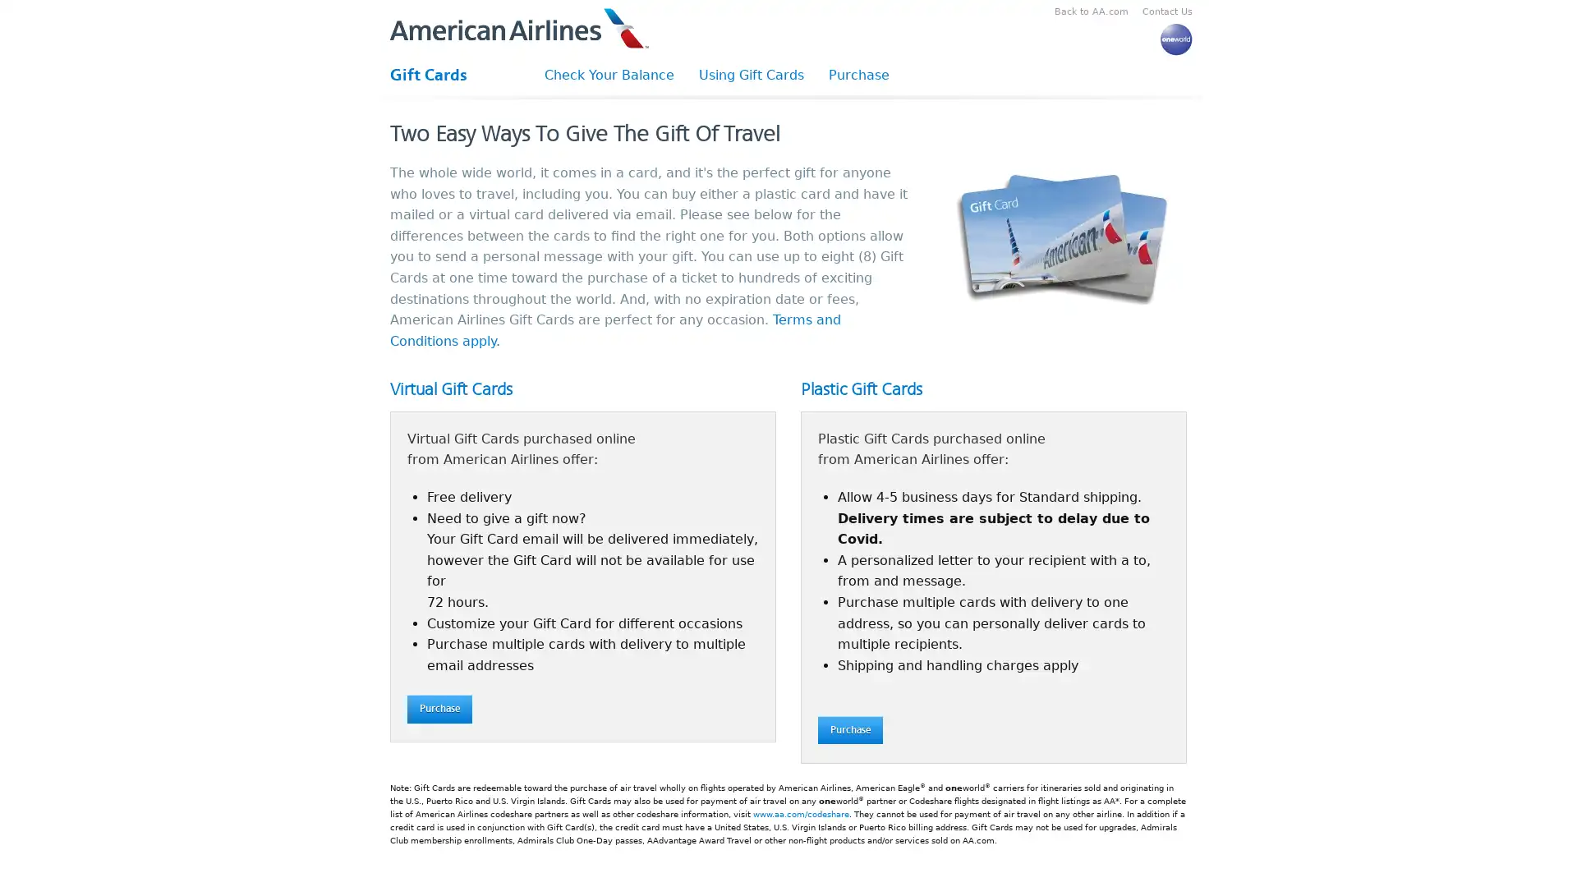 The height and width of the screenshot is (887, 1577). Describe the element at coordinates (439, 707) in the screenshot. I see `Purchase` at that location.